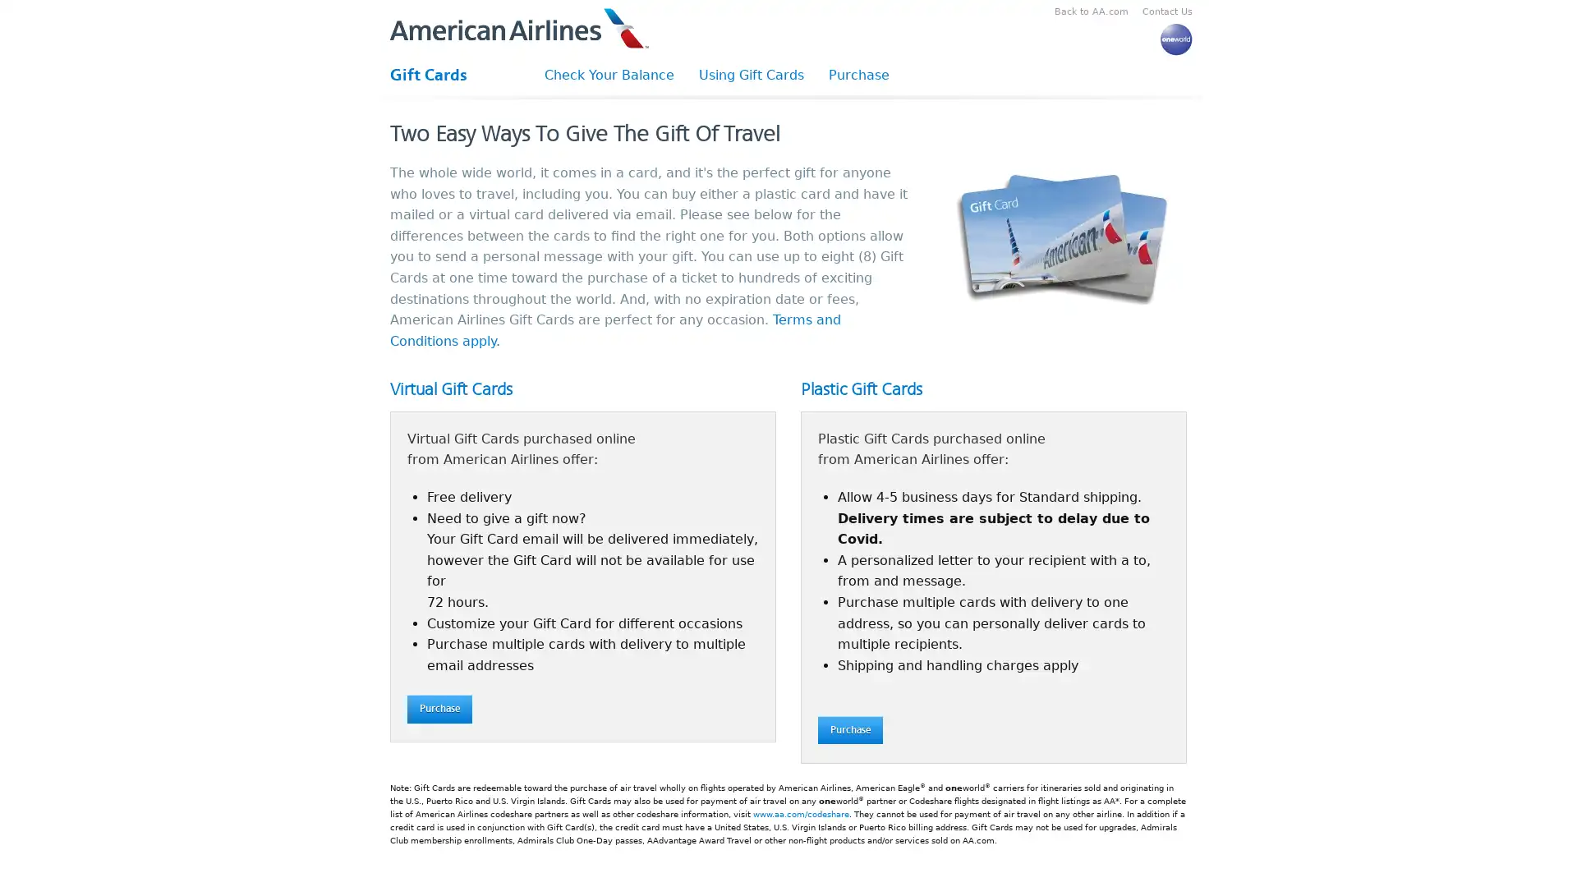 The height and width of the screenshot is (887, 1577). Describe the element at coordinates (439, 707) in the screenshot. I see `Purchase` at that location.